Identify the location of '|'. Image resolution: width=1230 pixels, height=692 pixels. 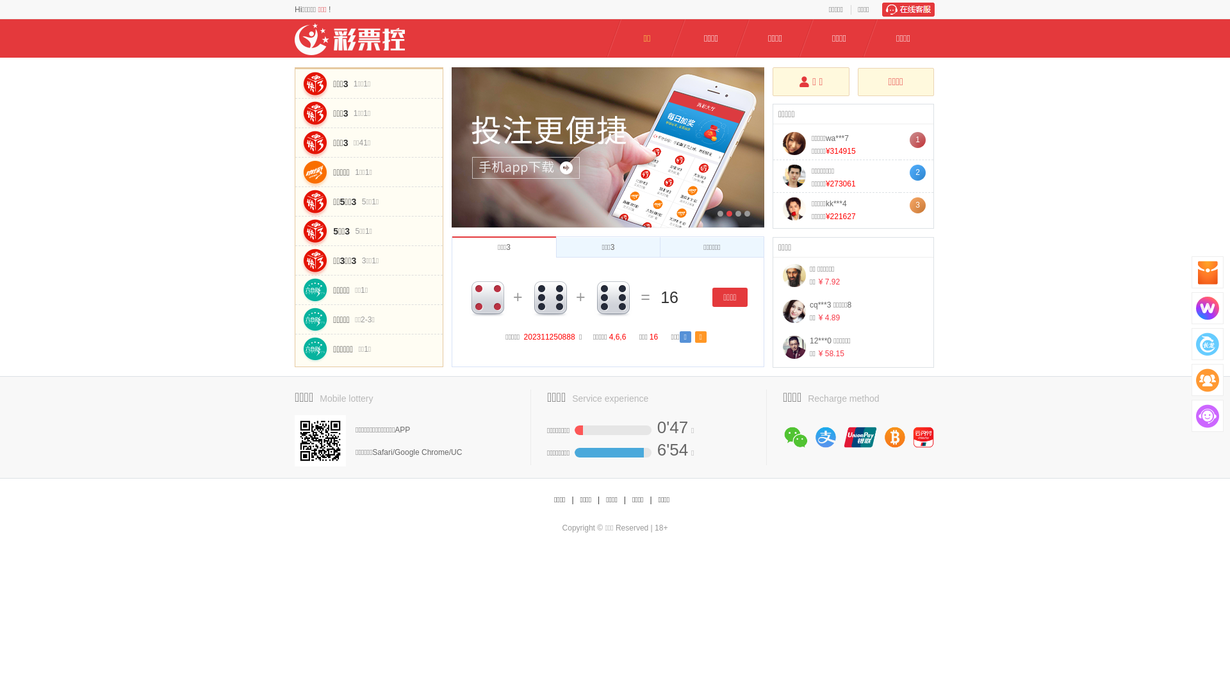
(571, 499).